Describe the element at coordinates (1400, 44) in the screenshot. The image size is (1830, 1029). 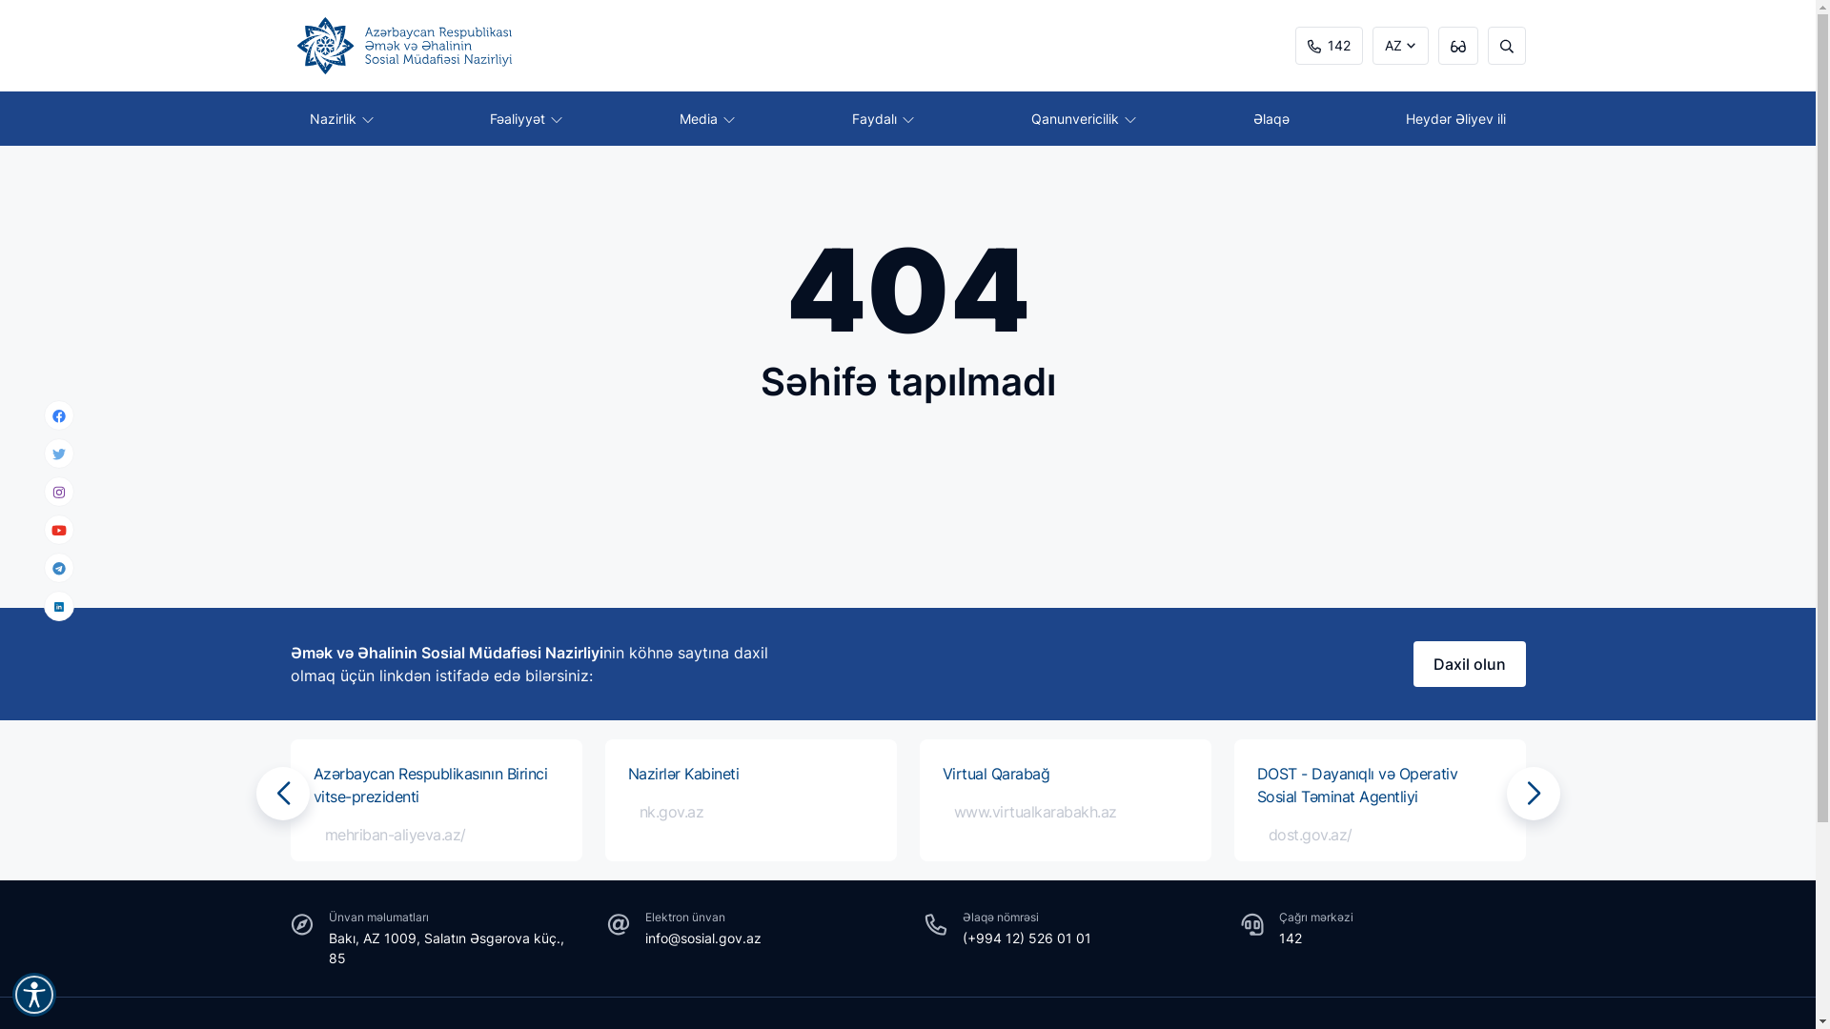
I see `'AZ'` at that location.